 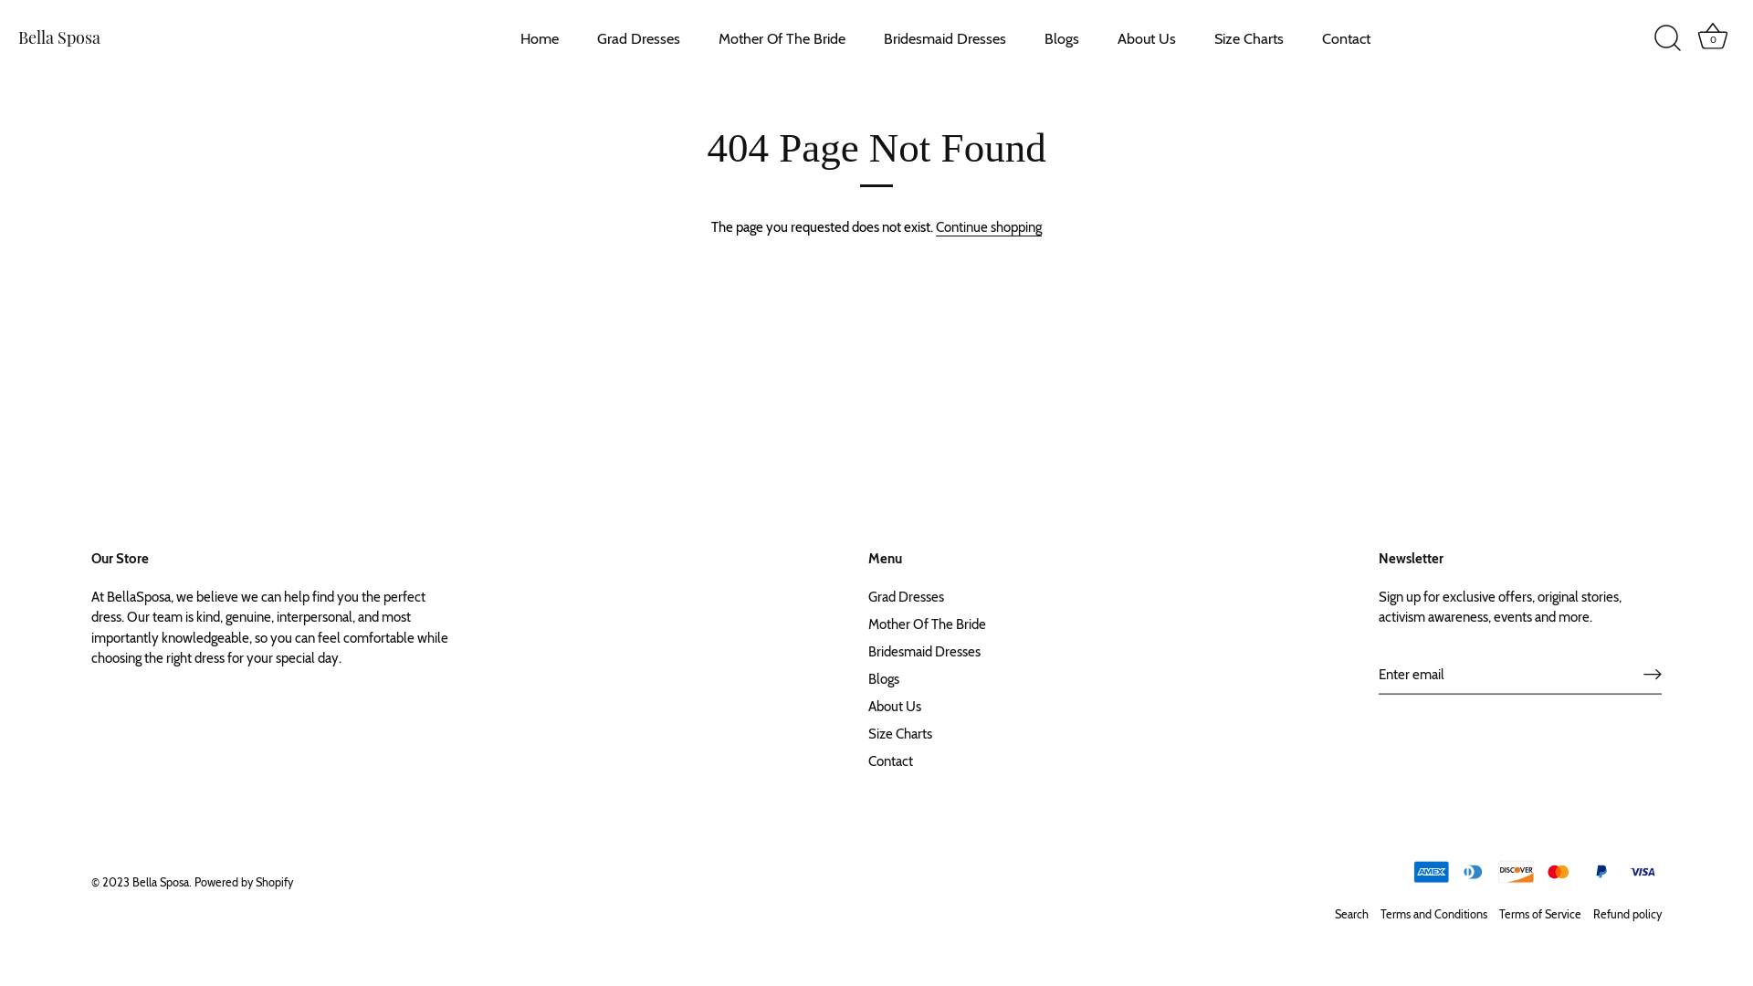 I want to click on 'Powered by Shopify', so click(x=194, y=880).